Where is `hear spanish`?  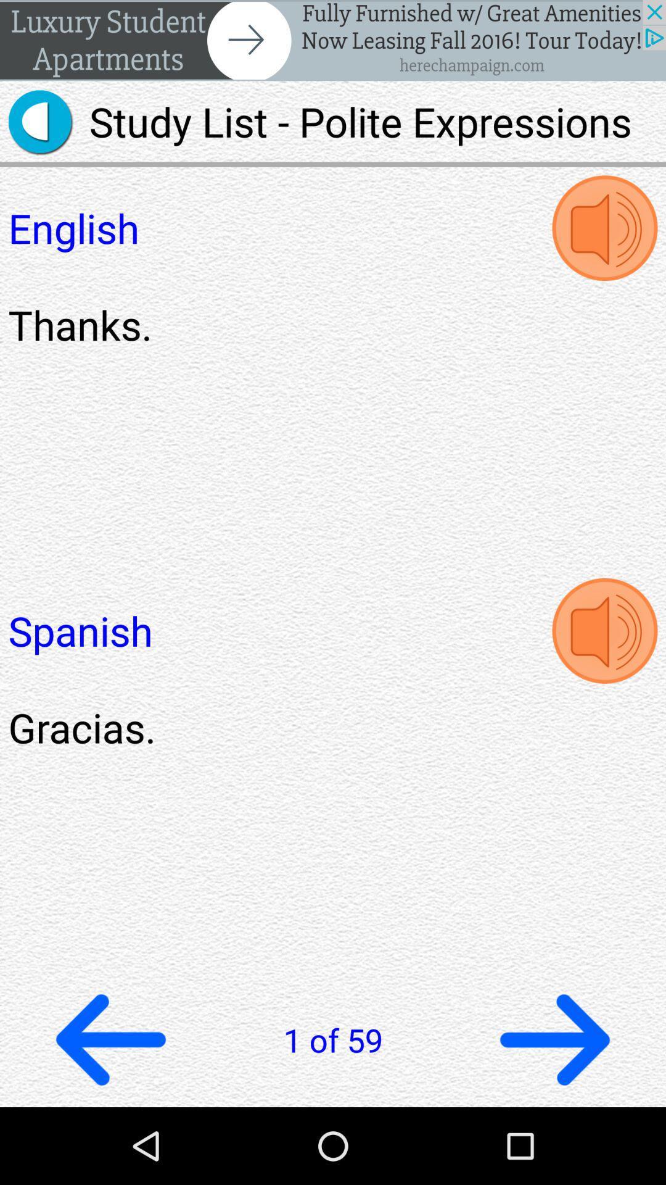 hear spanish is located at coordinates (604, 631).